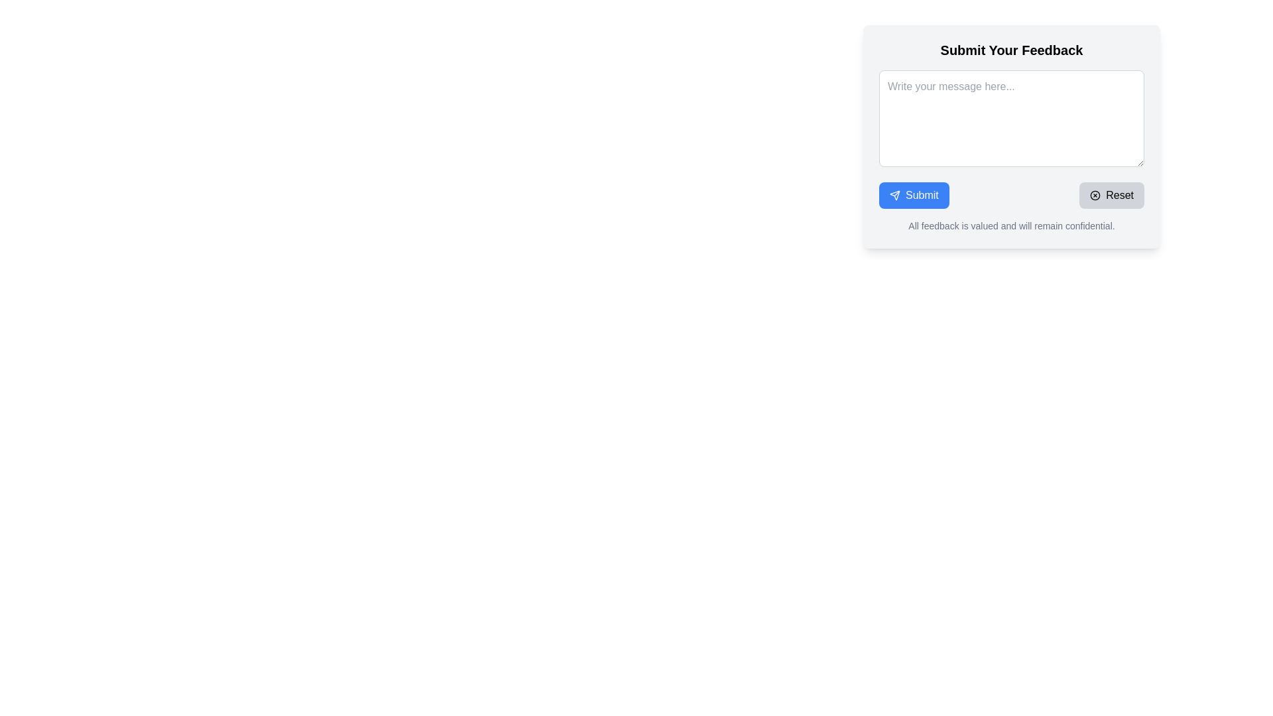 Image resolution: width=1273 pixels, height=716 pixels. Describe the element at coordinates (913, 195) in the screenshot. I see `the blue rectangular 'Submit' button with rounded corners` at that location.